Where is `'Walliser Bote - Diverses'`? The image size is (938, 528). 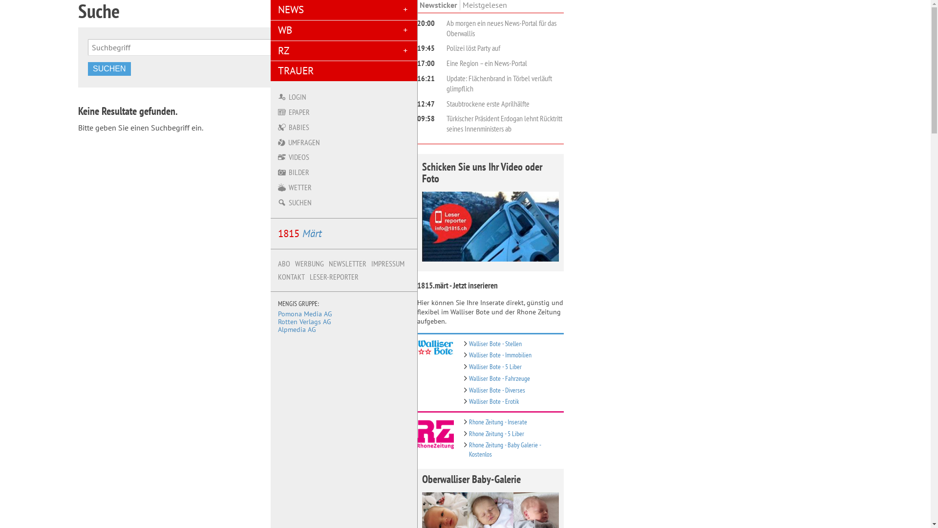 'Walliser Bote - Diverses' is located at coordinates (469, 389).